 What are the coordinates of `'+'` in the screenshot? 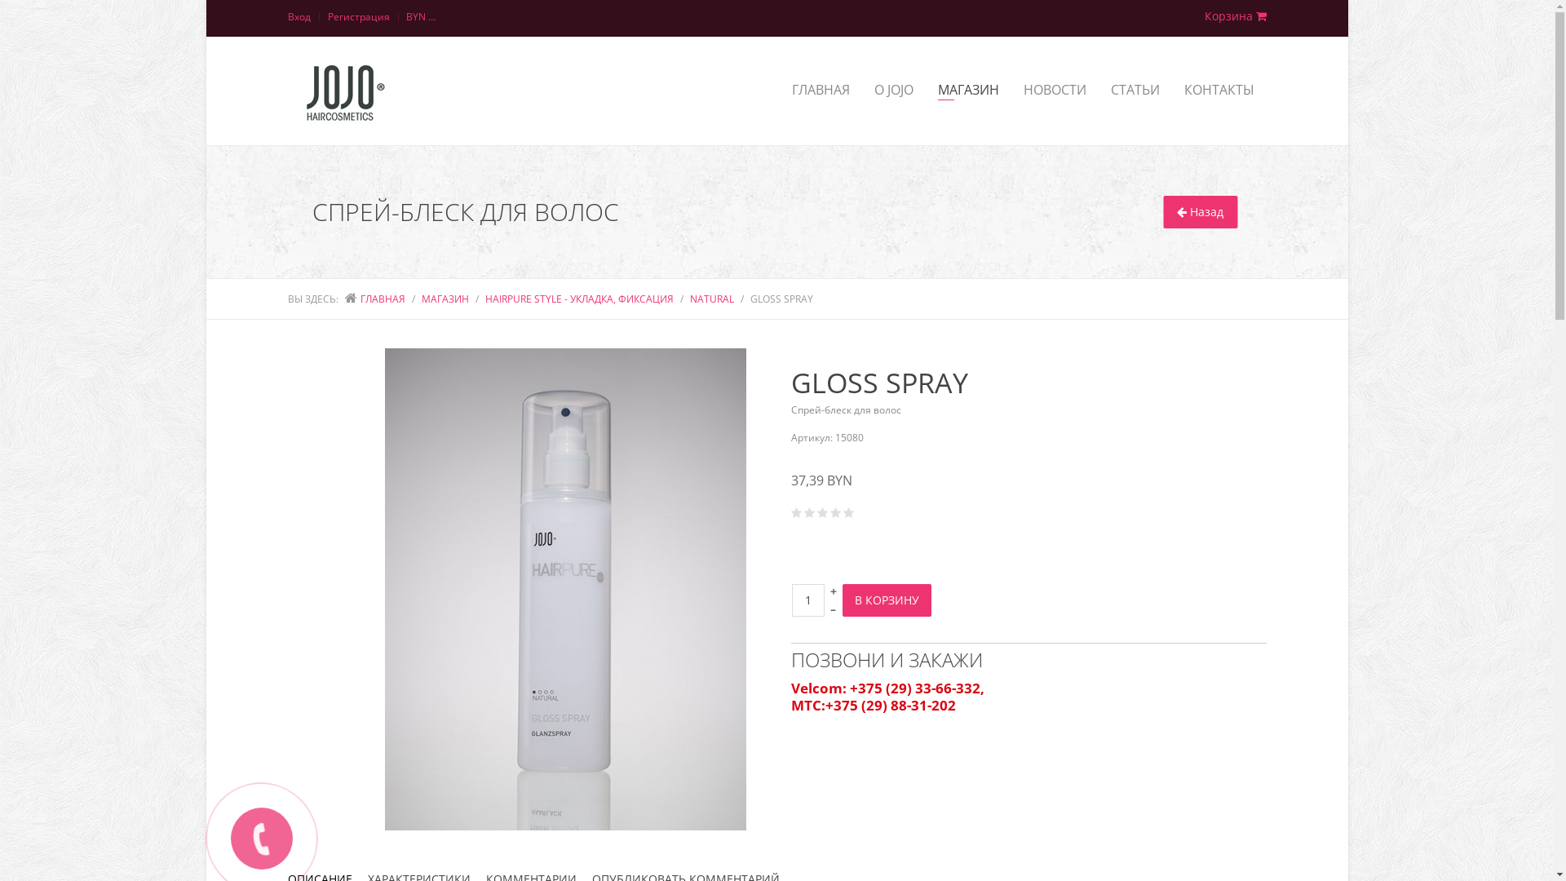 It's located at (834, 591).